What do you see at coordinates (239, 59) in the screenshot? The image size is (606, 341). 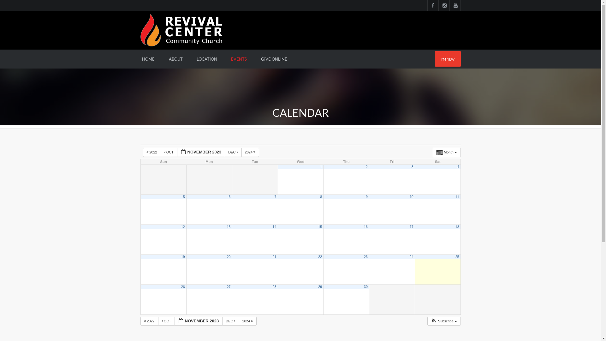 I see `'EVENTS'` at bounding box center [239, 59].